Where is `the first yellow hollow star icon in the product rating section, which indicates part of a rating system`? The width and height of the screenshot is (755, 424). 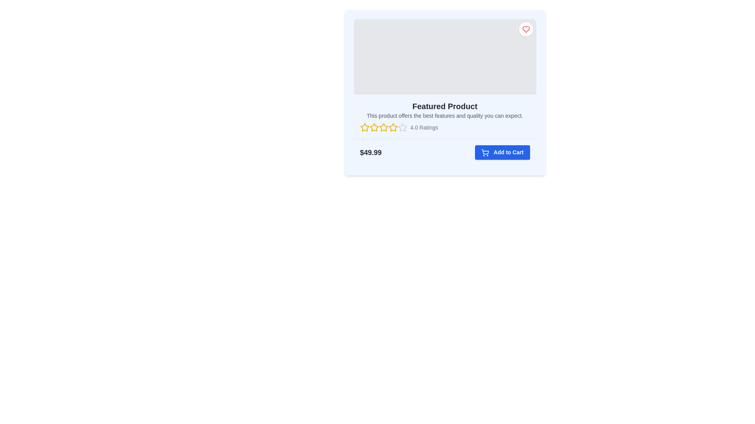 the first yellow hollow star icon in the product rating section, which indicates part of a rating system is located at coordinates (364, 127).